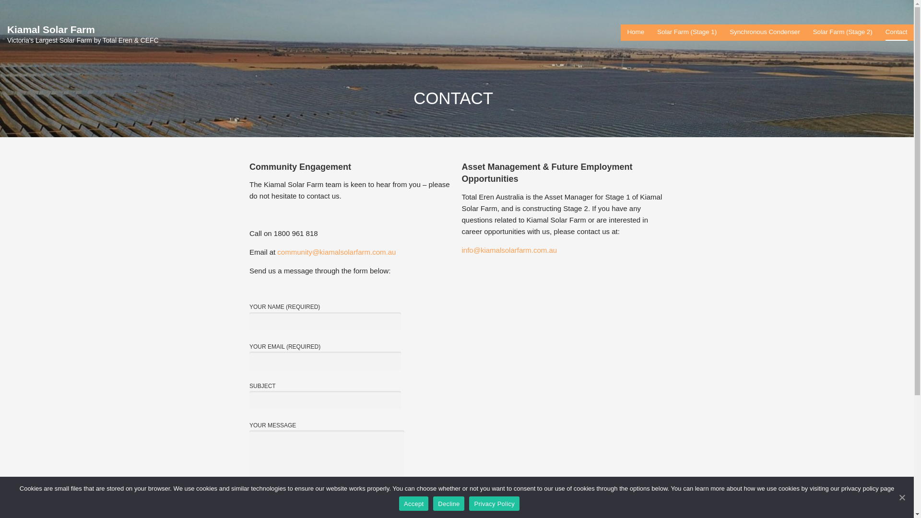  Describe the element at coordinates (764, 32) in the screenshot. I see `'Synchronous Condenser'` at that location.